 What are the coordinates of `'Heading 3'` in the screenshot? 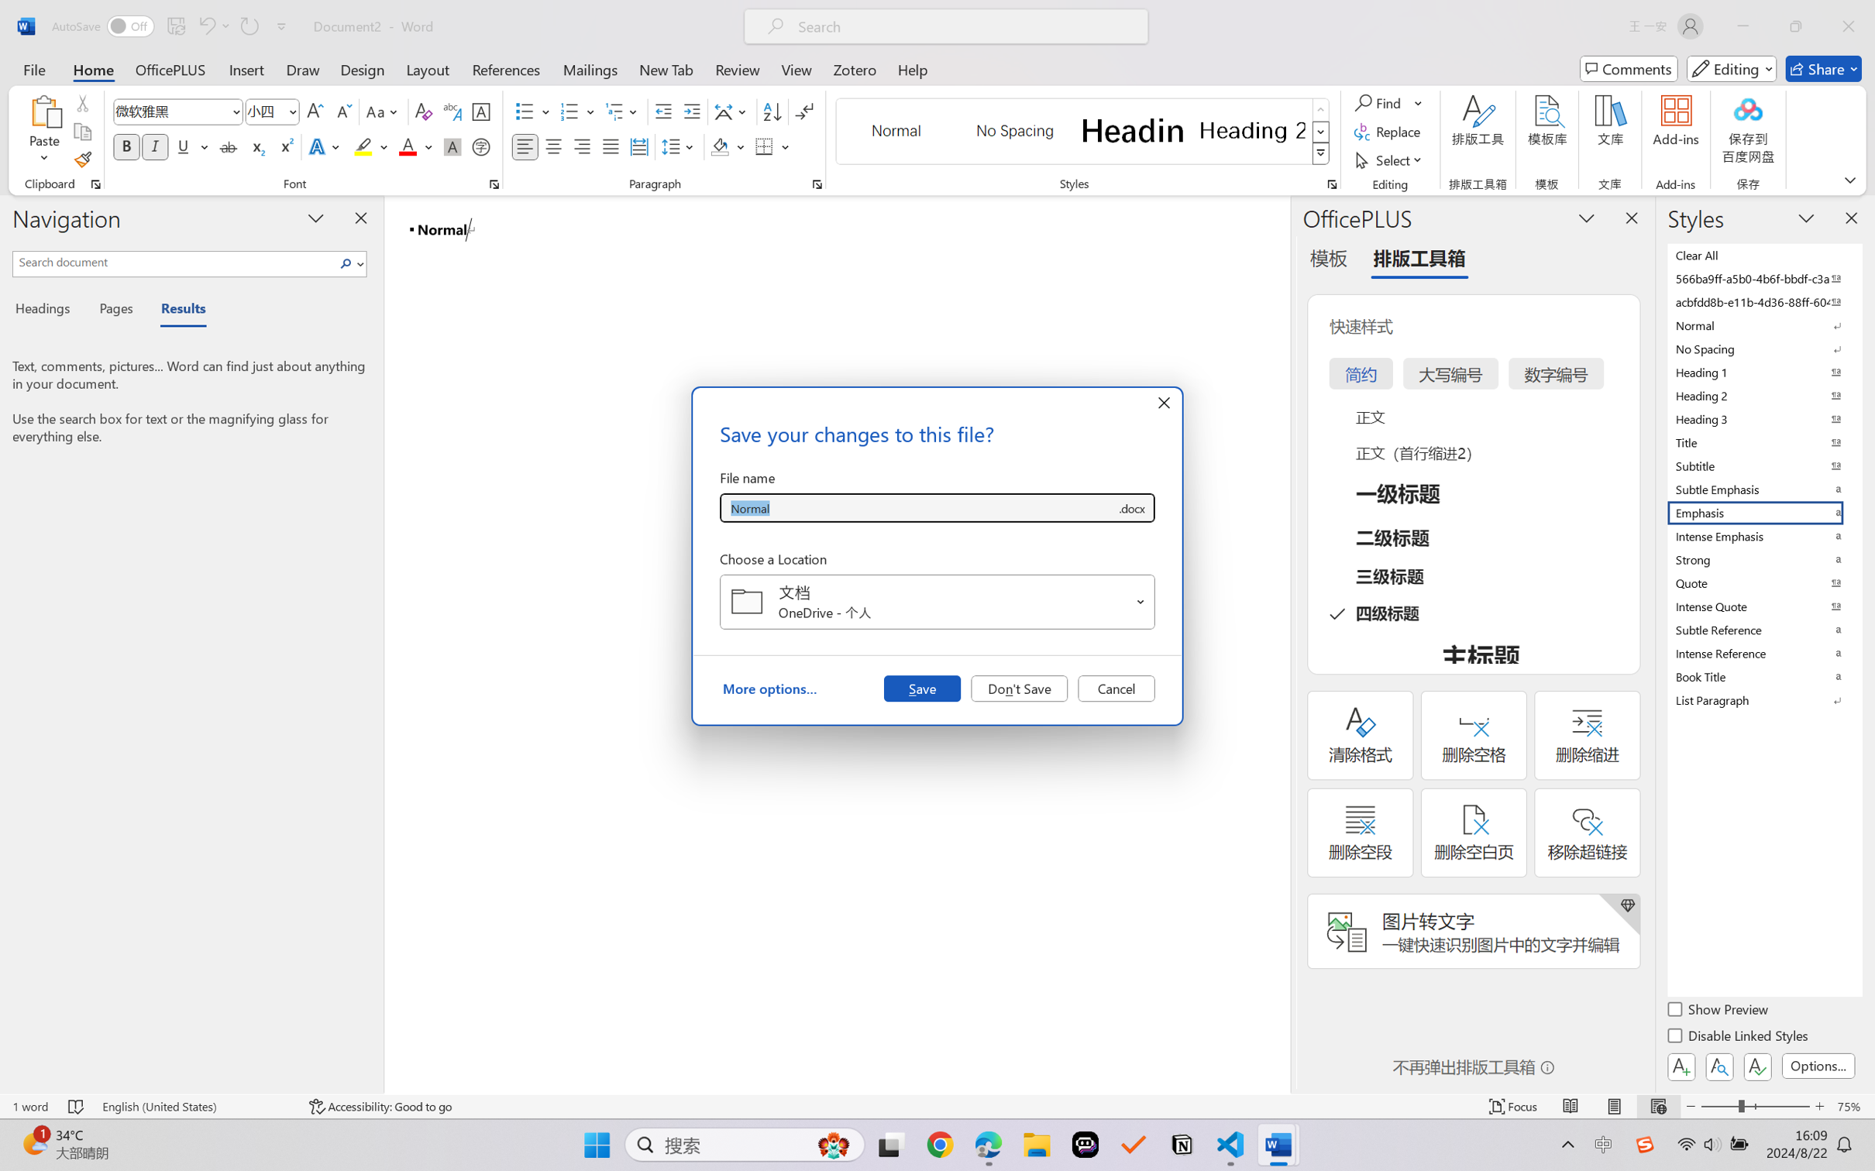 It's located at (1763, 418).